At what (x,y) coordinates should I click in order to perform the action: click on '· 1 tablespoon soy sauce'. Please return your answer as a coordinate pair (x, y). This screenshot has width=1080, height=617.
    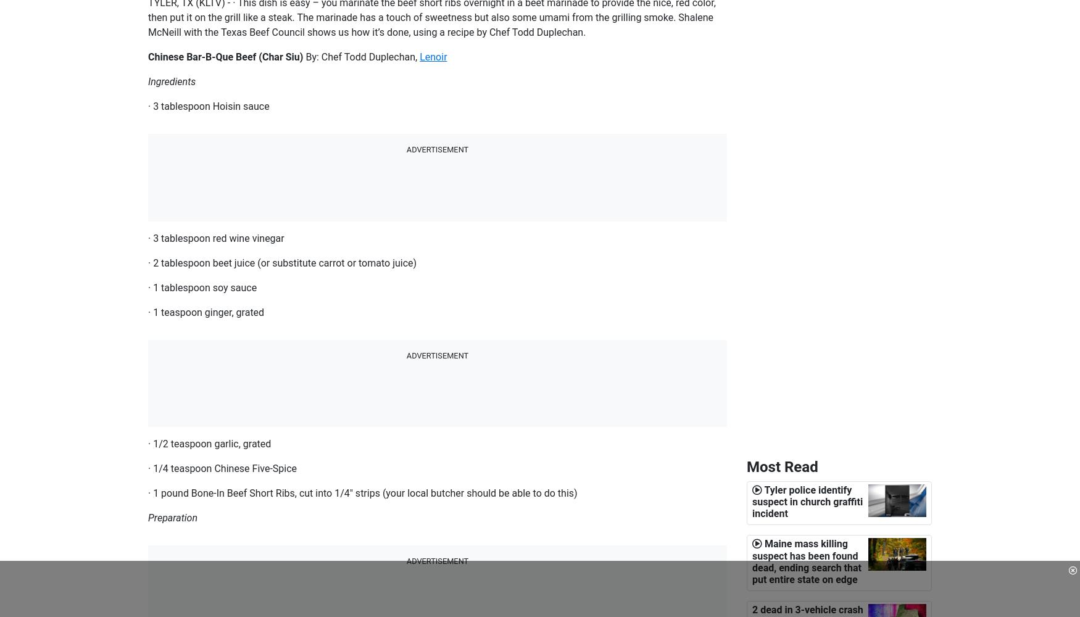
    Looking at the image, I should click on (147, 286).